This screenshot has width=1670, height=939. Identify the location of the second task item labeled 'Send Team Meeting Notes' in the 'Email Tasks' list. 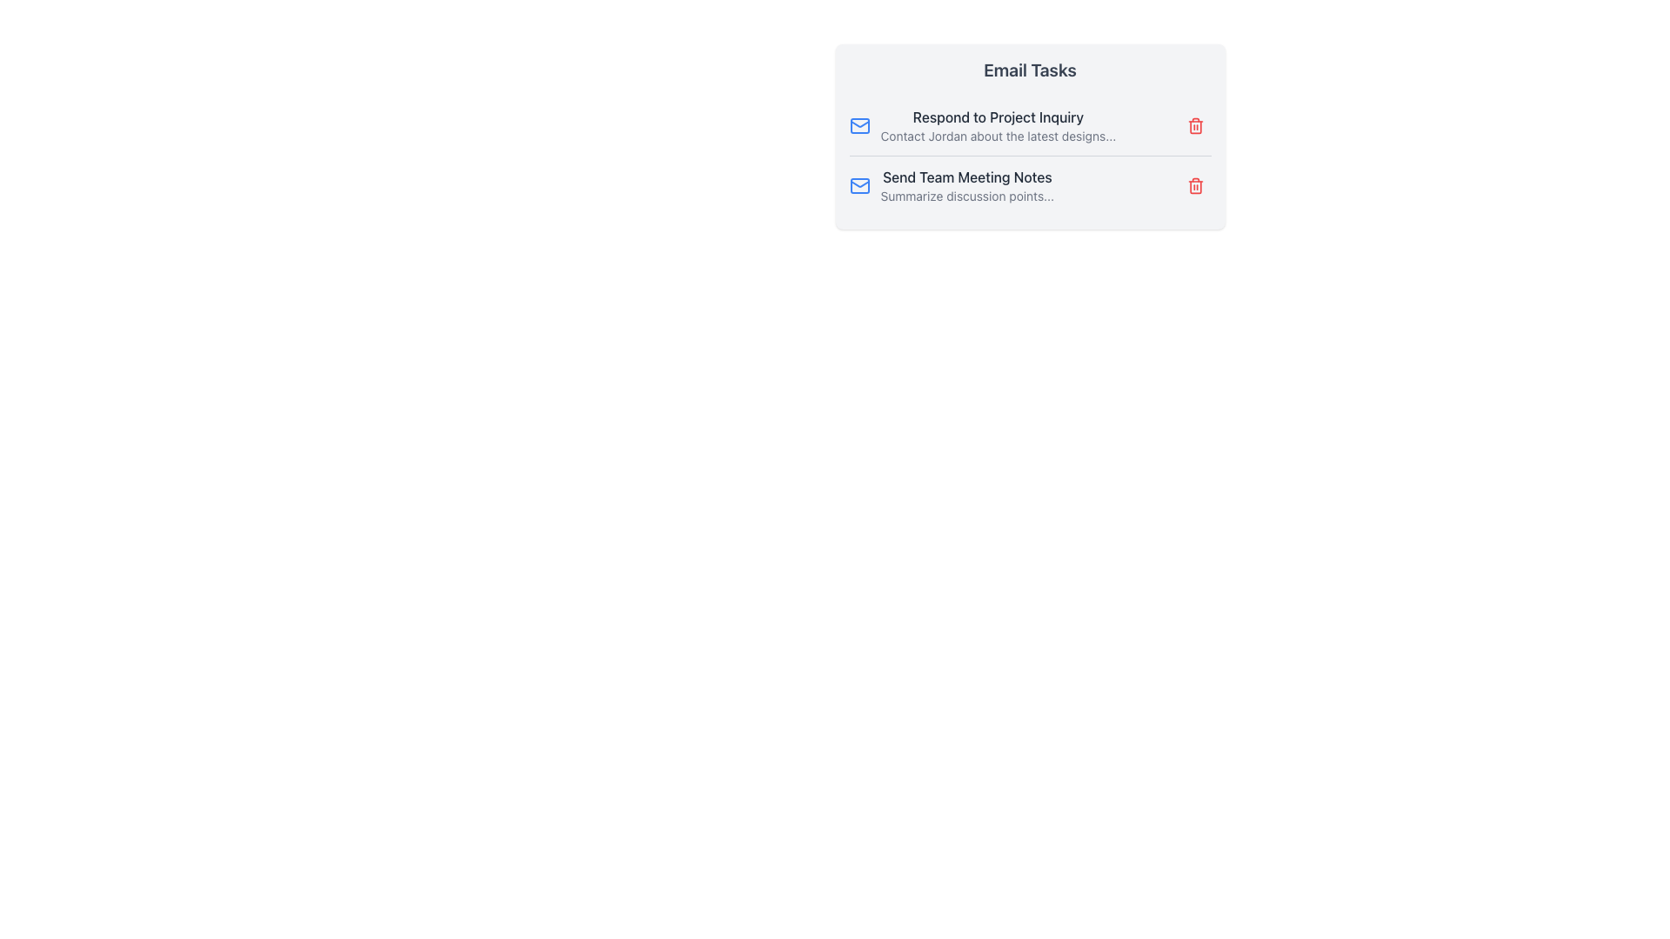
(966, 185).